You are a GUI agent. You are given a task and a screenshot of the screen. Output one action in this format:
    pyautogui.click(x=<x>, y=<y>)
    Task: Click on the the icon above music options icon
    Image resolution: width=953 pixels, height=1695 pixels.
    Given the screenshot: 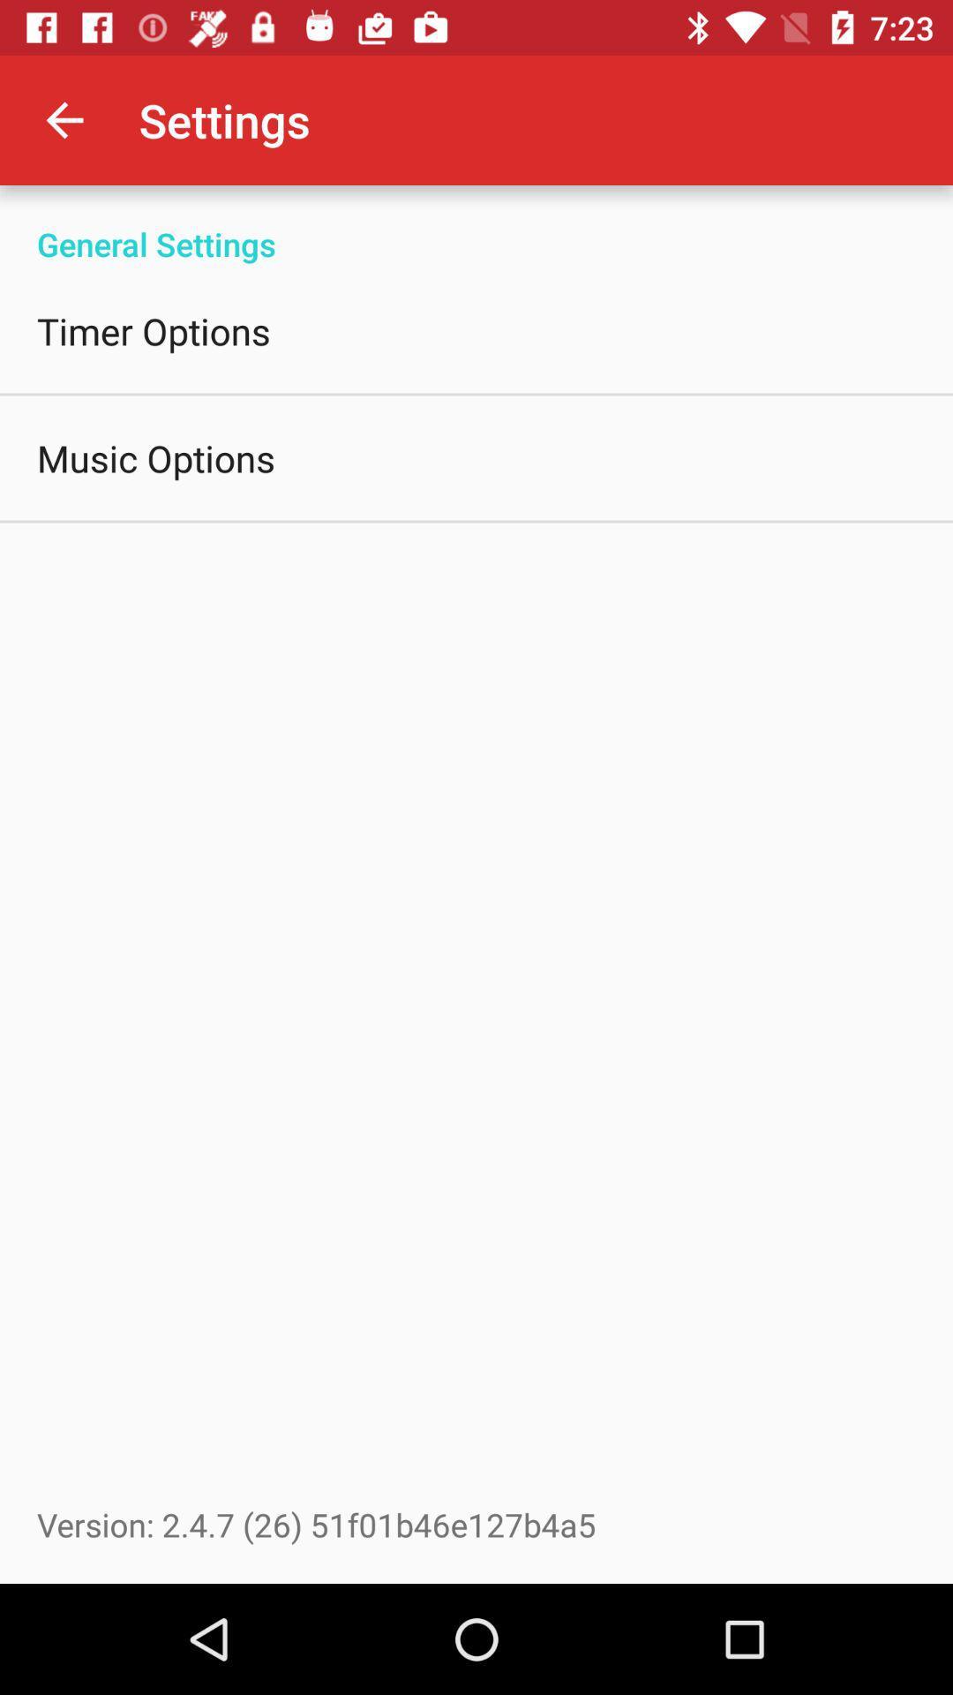 What is the action you would take?
    pyautogui.click(x=153, y=330)
    